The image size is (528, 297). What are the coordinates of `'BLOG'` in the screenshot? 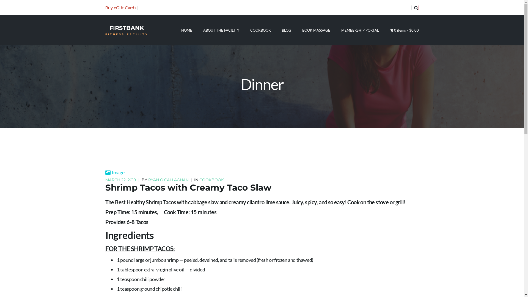 It's located at (286, 30).